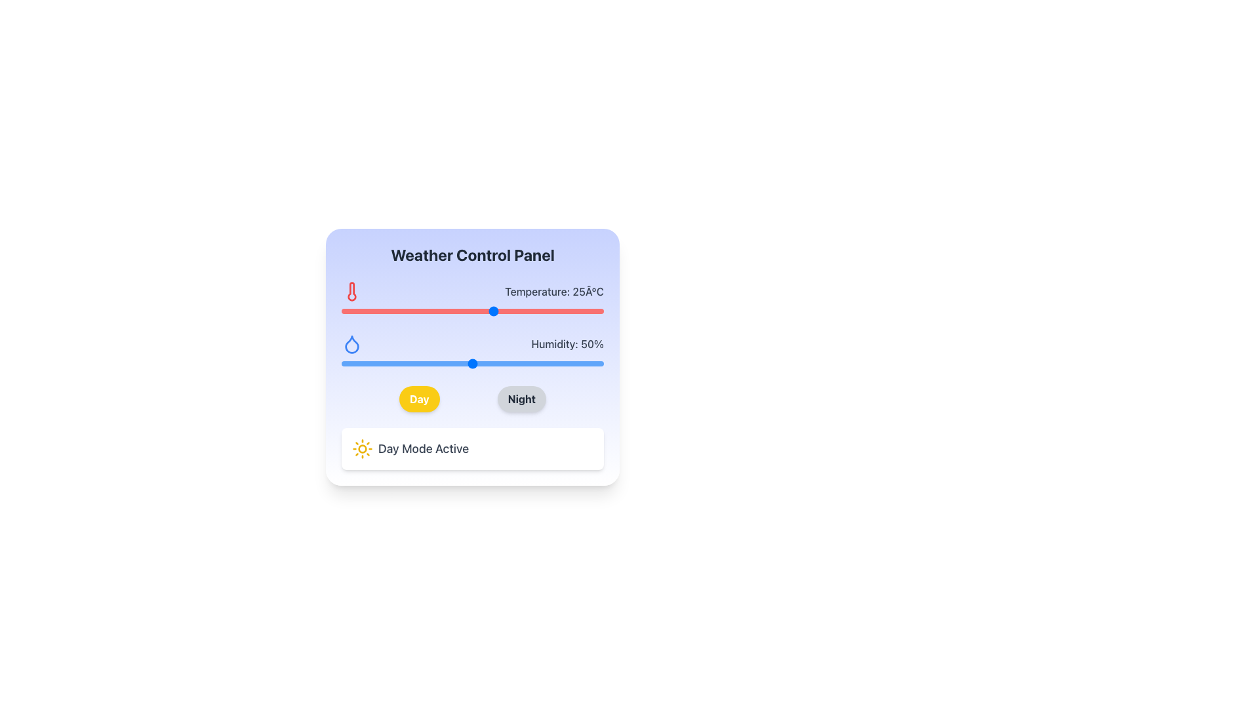 This screenshot has height=708, width=1259. I want to click on the text label displaying 'Day Mode Active' which is located next to a sun icon in the Weather Control Panel, so click(424, 448).